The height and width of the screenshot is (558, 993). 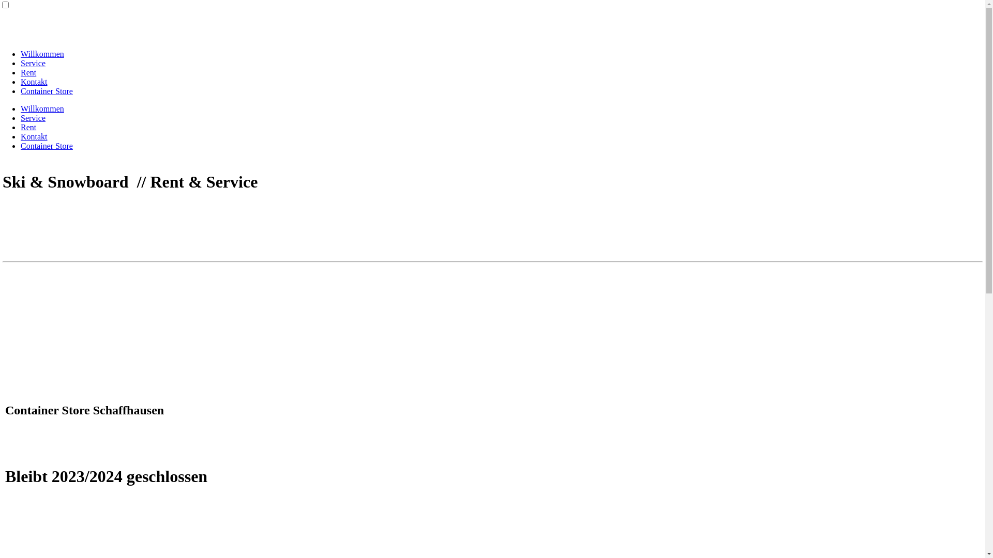 I want to click on 'Container Store', so click(x=46, y=90).